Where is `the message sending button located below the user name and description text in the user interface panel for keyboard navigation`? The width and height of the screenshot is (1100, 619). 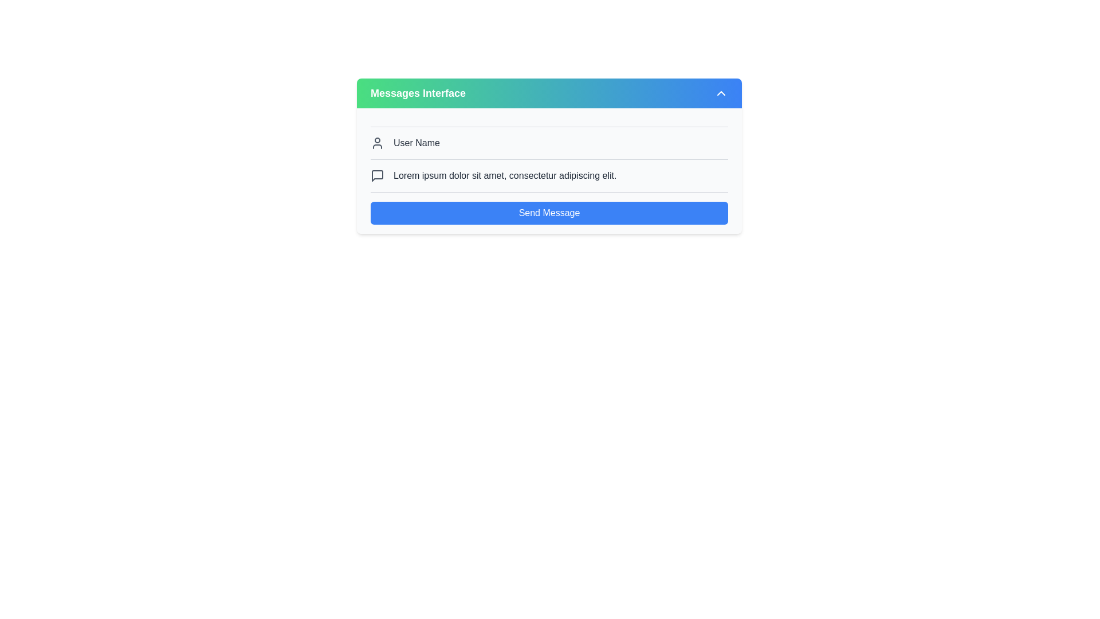 the message sending button located below the user name and description text in the user interface panel for keyboard navigation is located at coordinates (549, 213).